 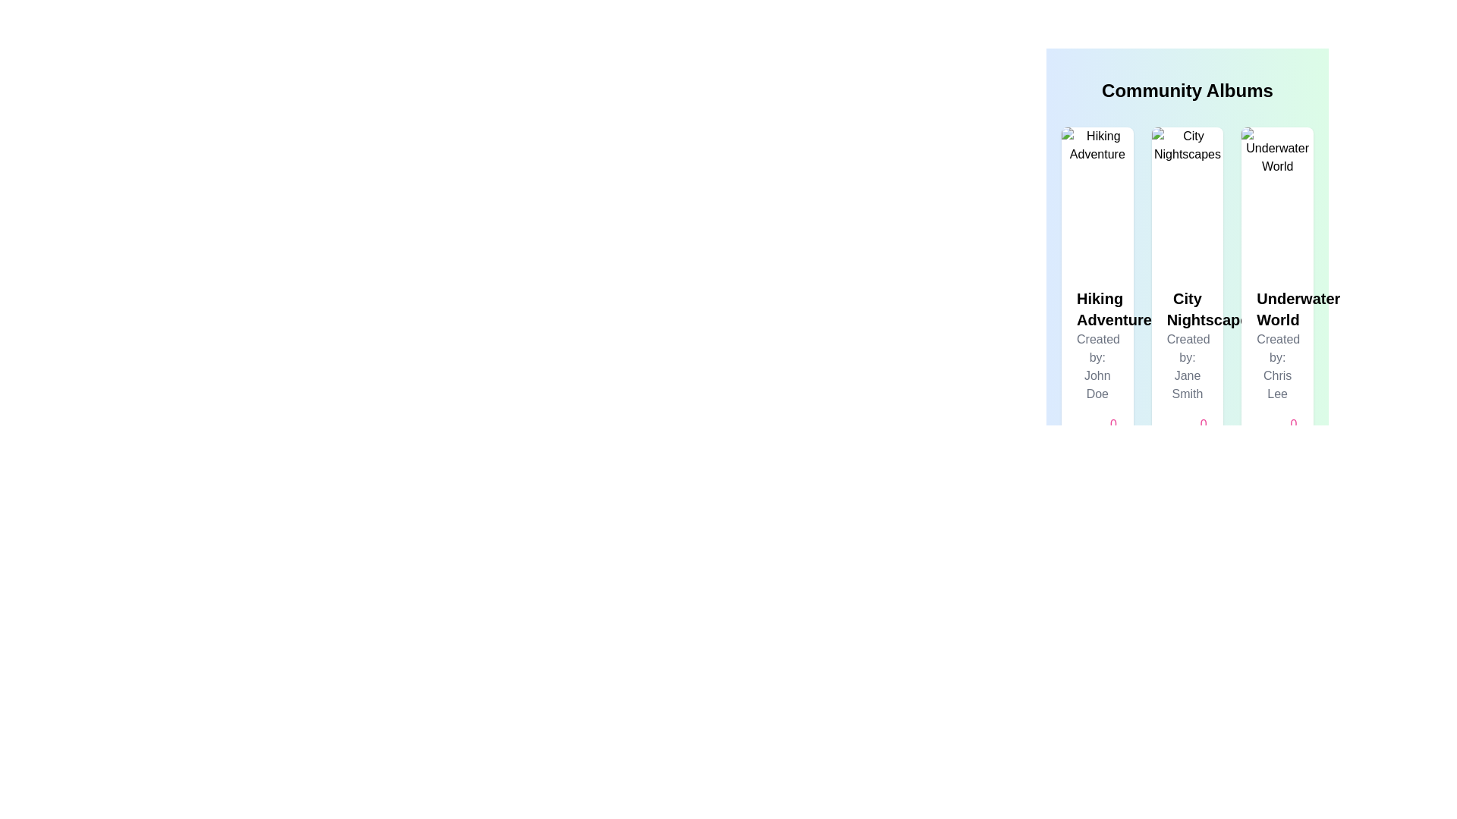 What do you see at coordinates (1186, 227) in the screenshot?
I see `an individual entry inside the 'Community Albums' panel, which is a white background panel containing entries with titles and creator information` at bounding box center [1186, 227].